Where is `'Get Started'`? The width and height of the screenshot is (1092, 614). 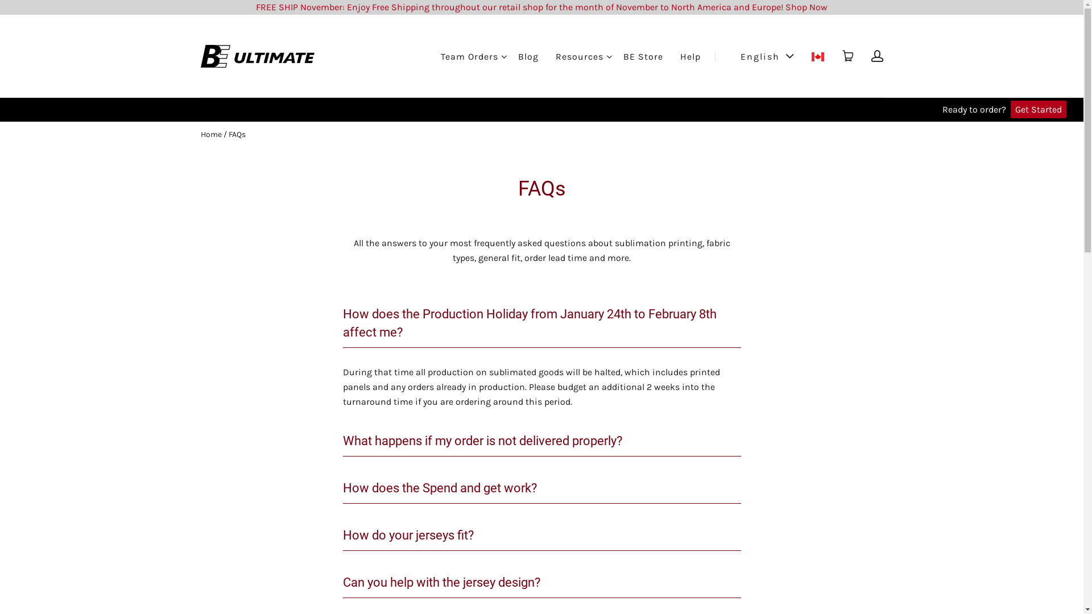 'Get Started' is located at coordinates (1038, 109).